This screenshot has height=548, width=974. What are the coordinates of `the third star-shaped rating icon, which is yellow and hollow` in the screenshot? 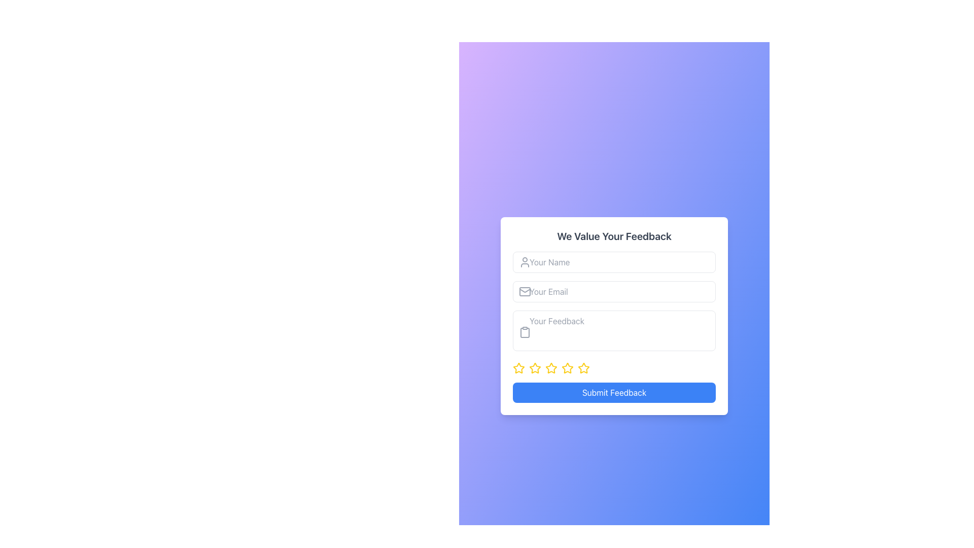 It's located at (550, 368).